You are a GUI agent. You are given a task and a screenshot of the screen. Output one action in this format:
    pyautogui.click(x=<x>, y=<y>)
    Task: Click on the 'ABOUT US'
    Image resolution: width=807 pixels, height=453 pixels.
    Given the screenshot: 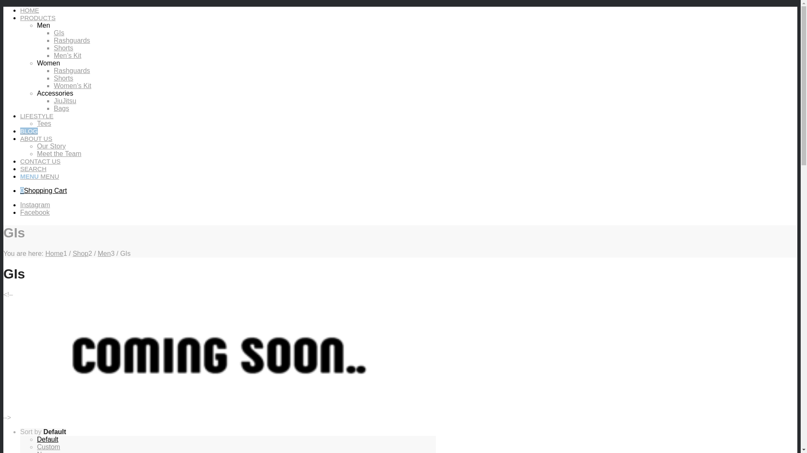 What is the action you would take?
    pyautogui.click(x=36, y=138)
    